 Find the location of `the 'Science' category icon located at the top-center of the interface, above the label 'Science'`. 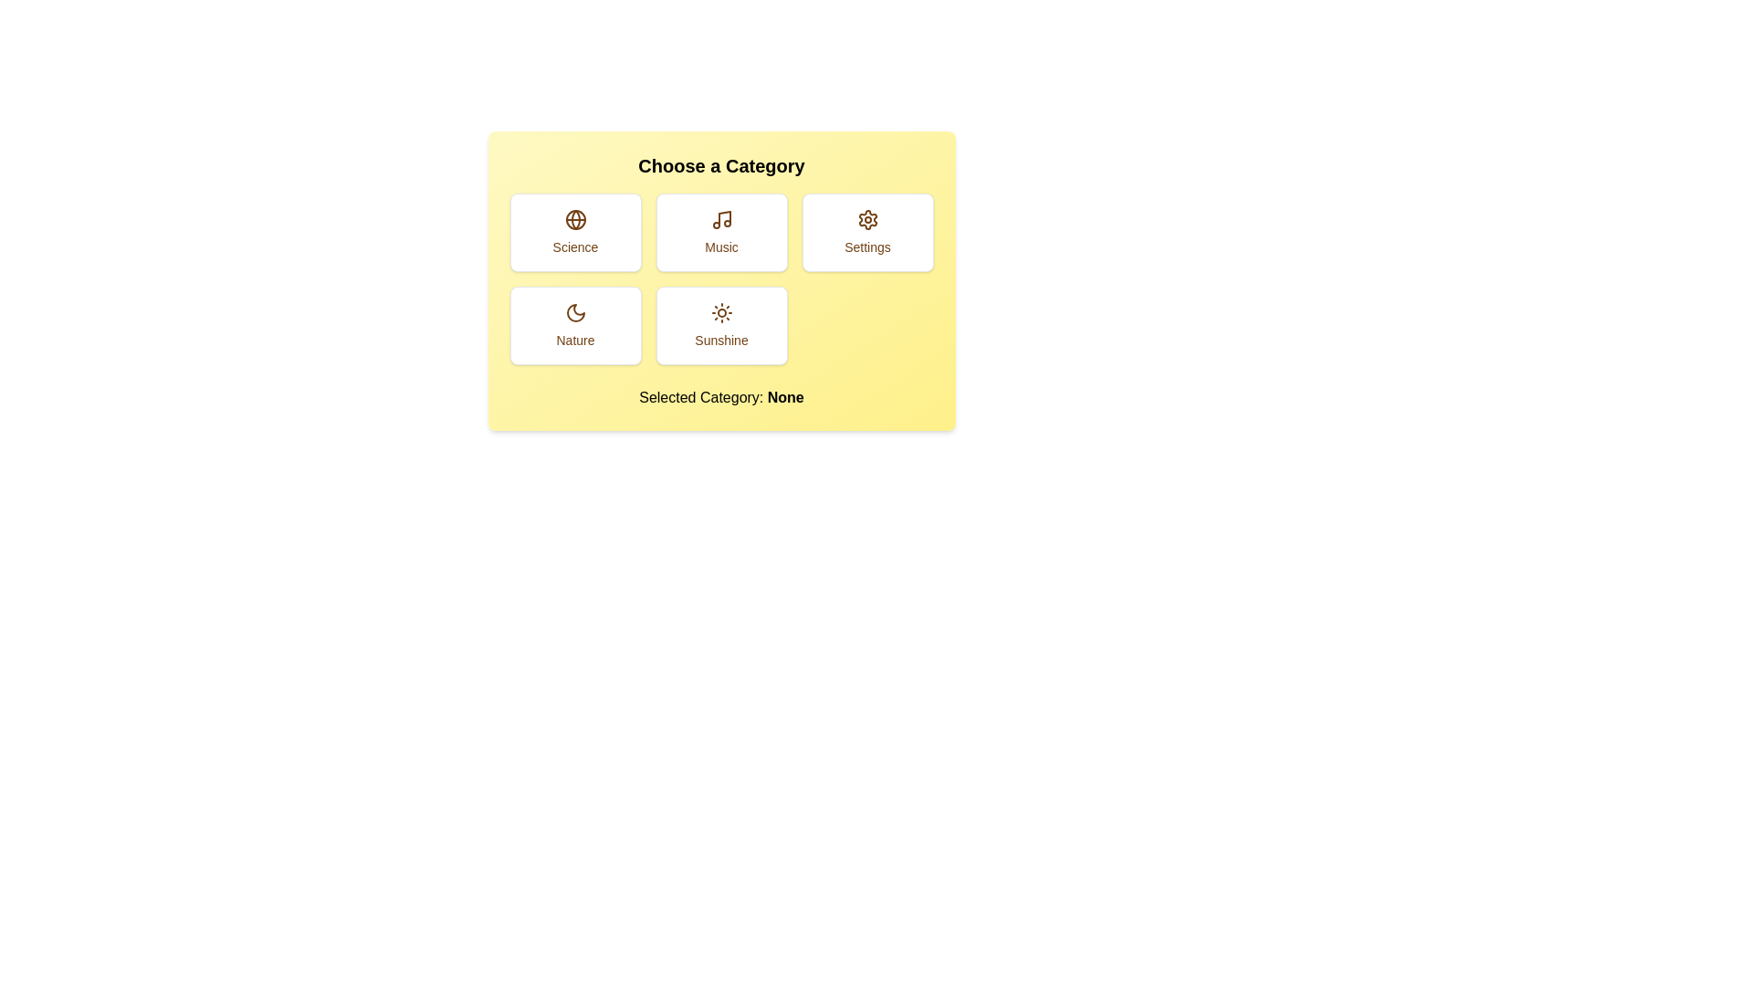

the 'Science' category icon located at the top-center of the interface, above the label 'Science' is located at coordinates (574, 218).